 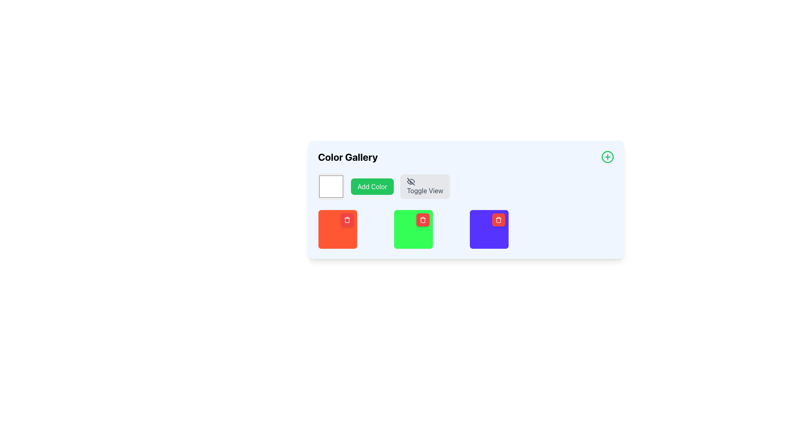 What do you see at coordinates (498, 220) in the screenshot?
I see `the delete button located at the top-right corner of the purple color block` at bounding box center [498, 220].